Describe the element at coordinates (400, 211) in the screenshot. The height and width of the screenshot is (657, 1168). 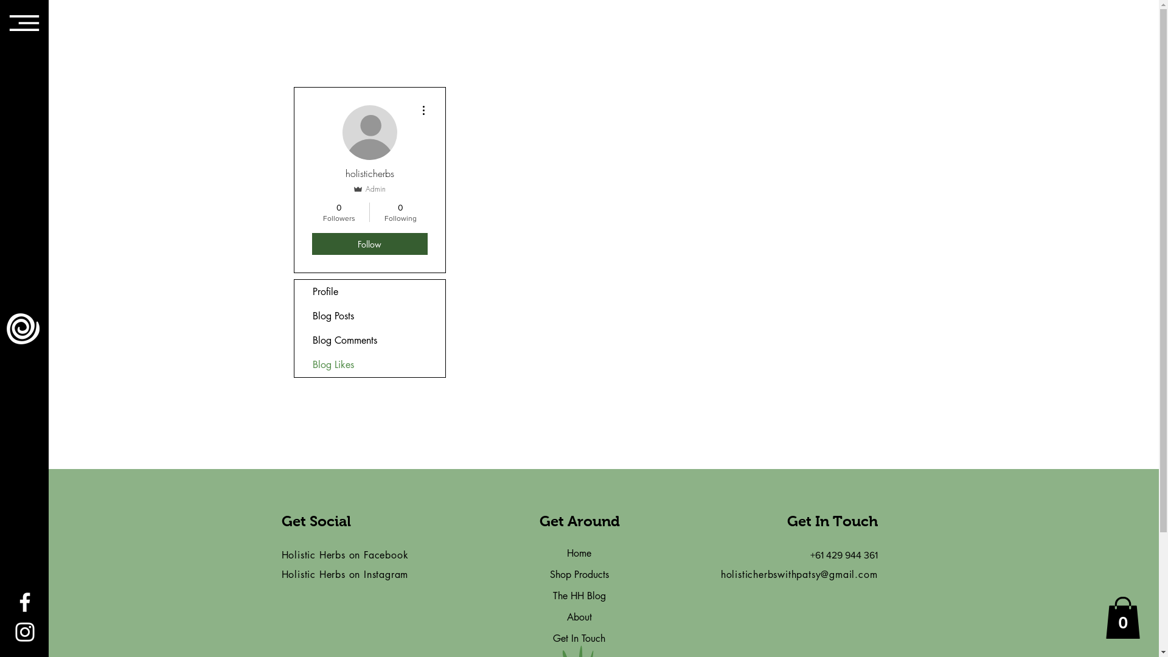
I see `'0` at that location.